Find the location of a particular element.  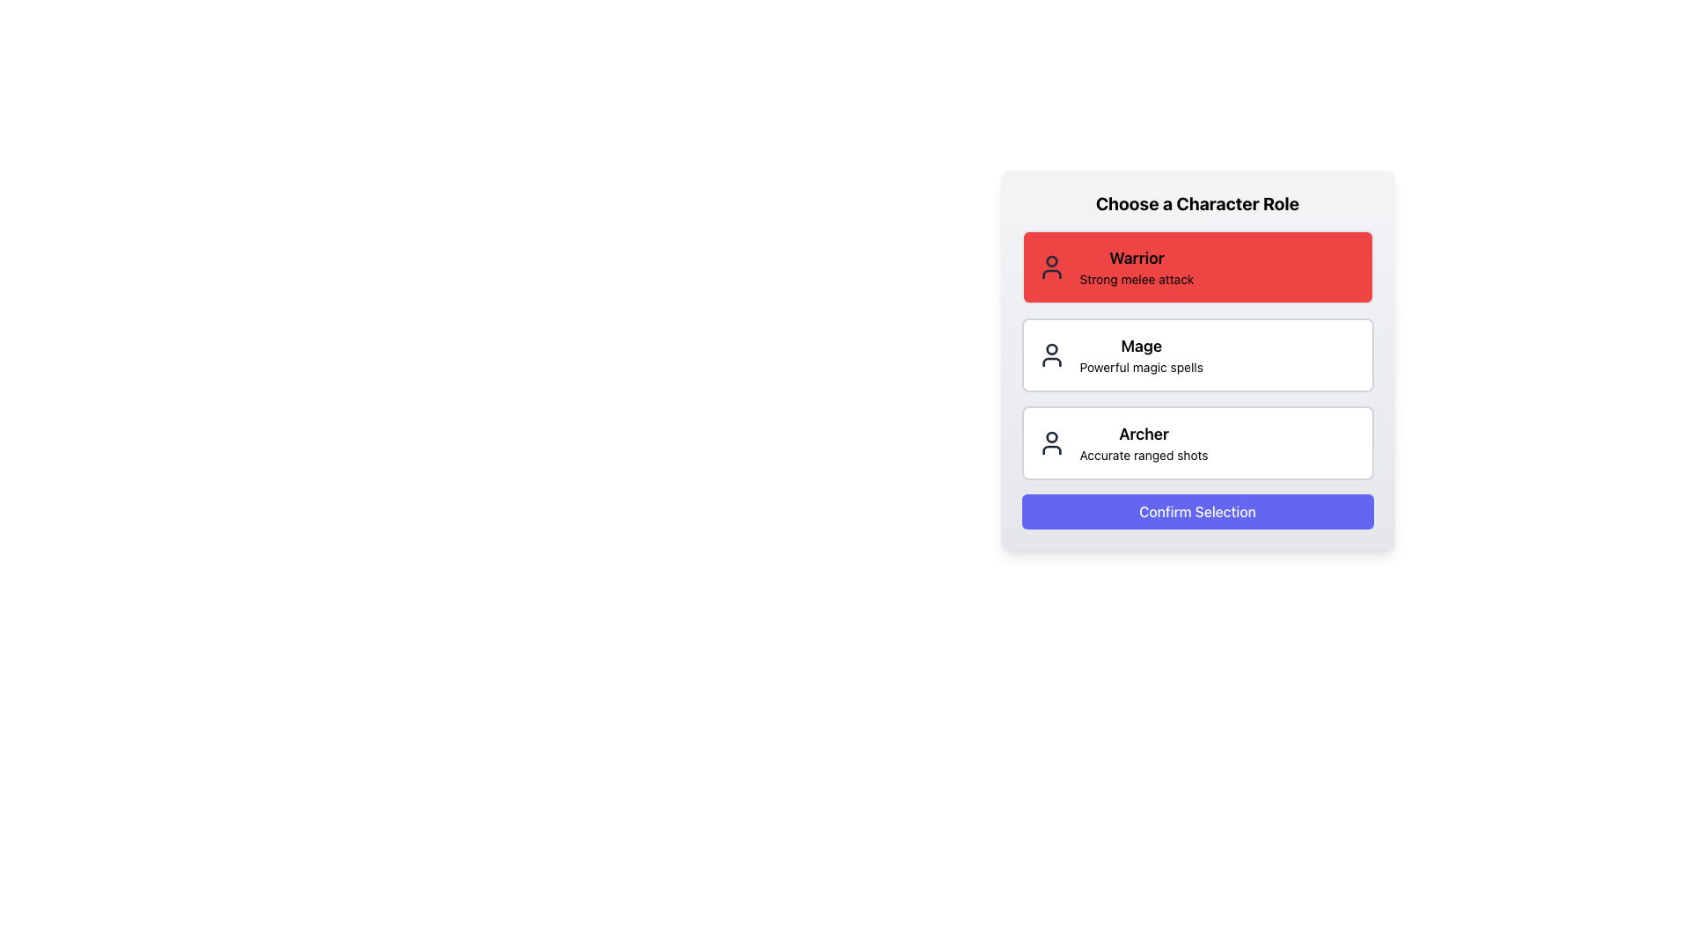

the text label that describes the 'Mage' role, which is located directly below the 'Mage' label in the selection card is located at coordinates (1141, 366).